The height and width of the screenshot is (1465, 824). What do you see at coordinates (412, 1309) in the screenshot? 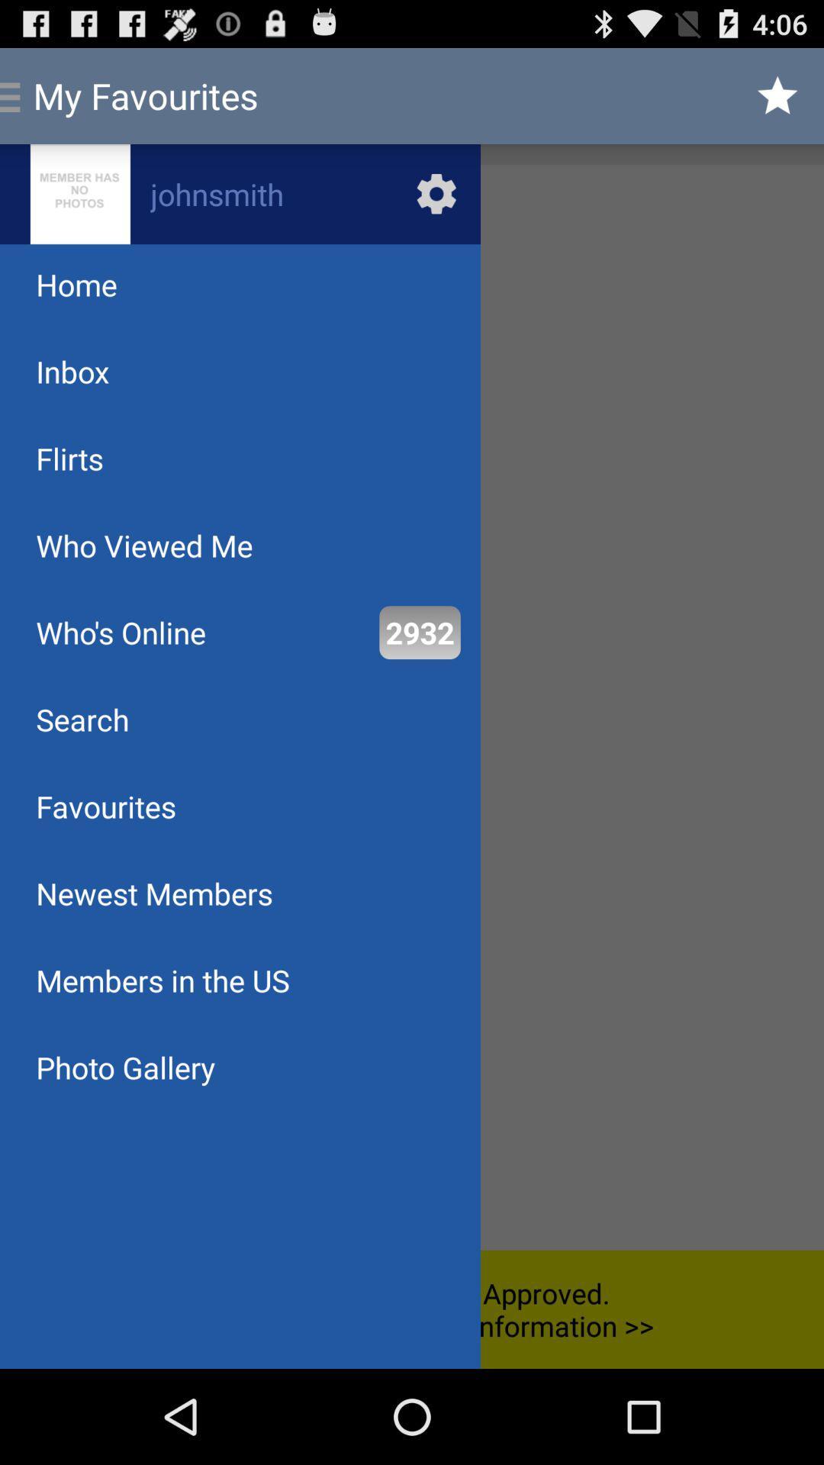
I see `the your profile is` at bounding box center [412, 1309].